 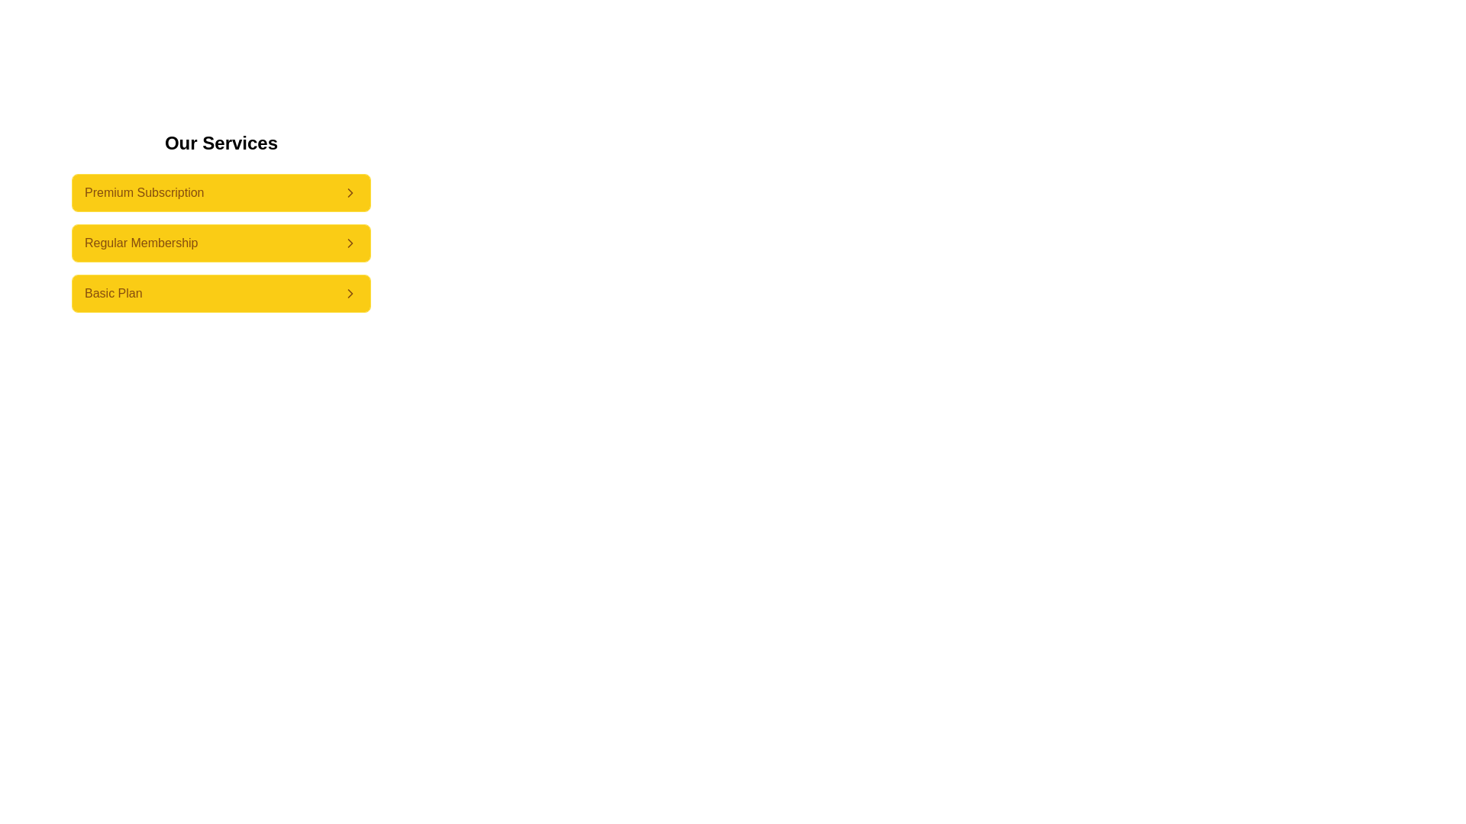 I want to click on the 'Basic Plan' button located at the bottom of the subscription options, so click(x=220, y=294).